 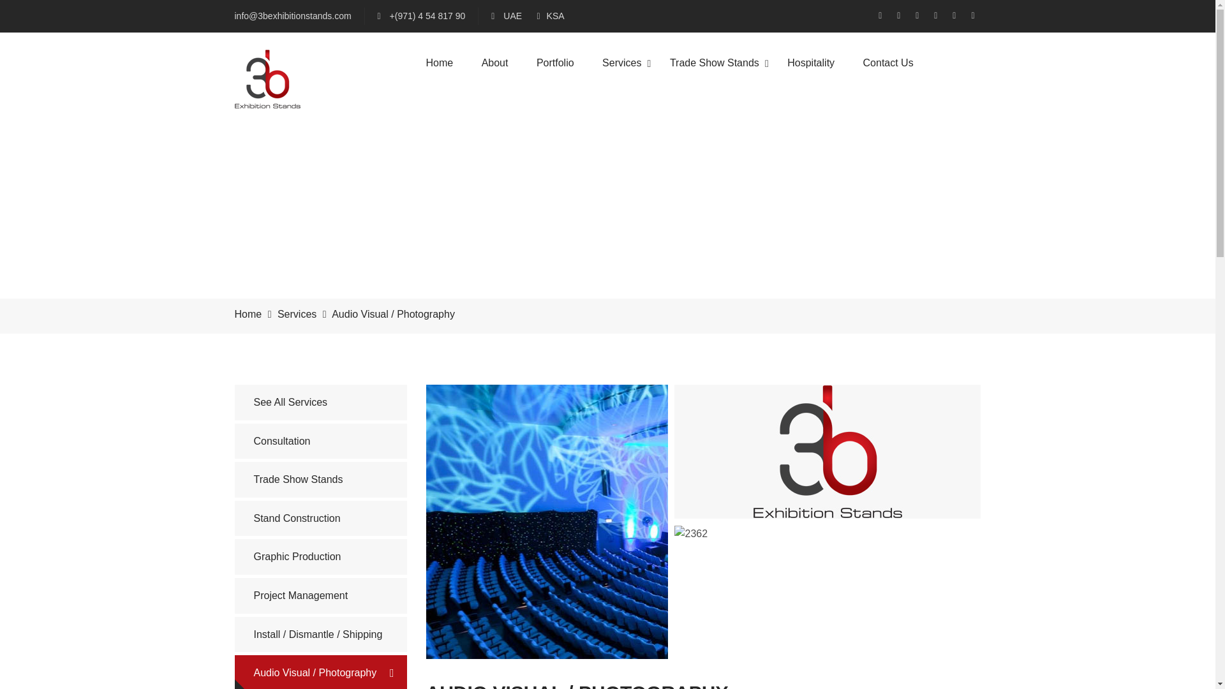 I want to click on 'See All Services', so click(x=254, y=403).